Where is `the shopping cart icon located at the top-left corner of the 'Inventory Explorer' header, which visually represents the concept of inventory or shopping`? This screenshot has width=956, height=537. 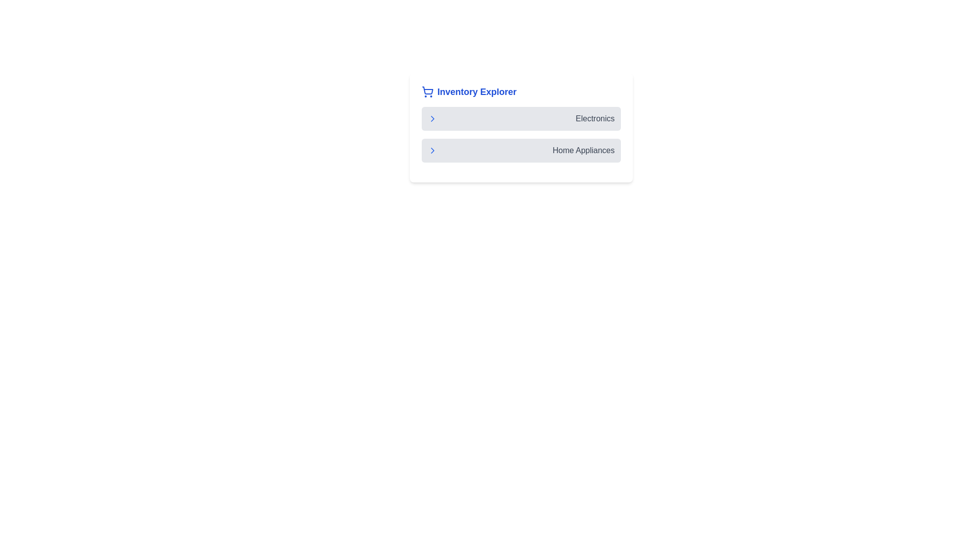
the shopping cart icon located at the top-left corner of the 'Inventory Explorer' header, which visually represents the concept of inventory or shopping is located at coordinates (427, 92).